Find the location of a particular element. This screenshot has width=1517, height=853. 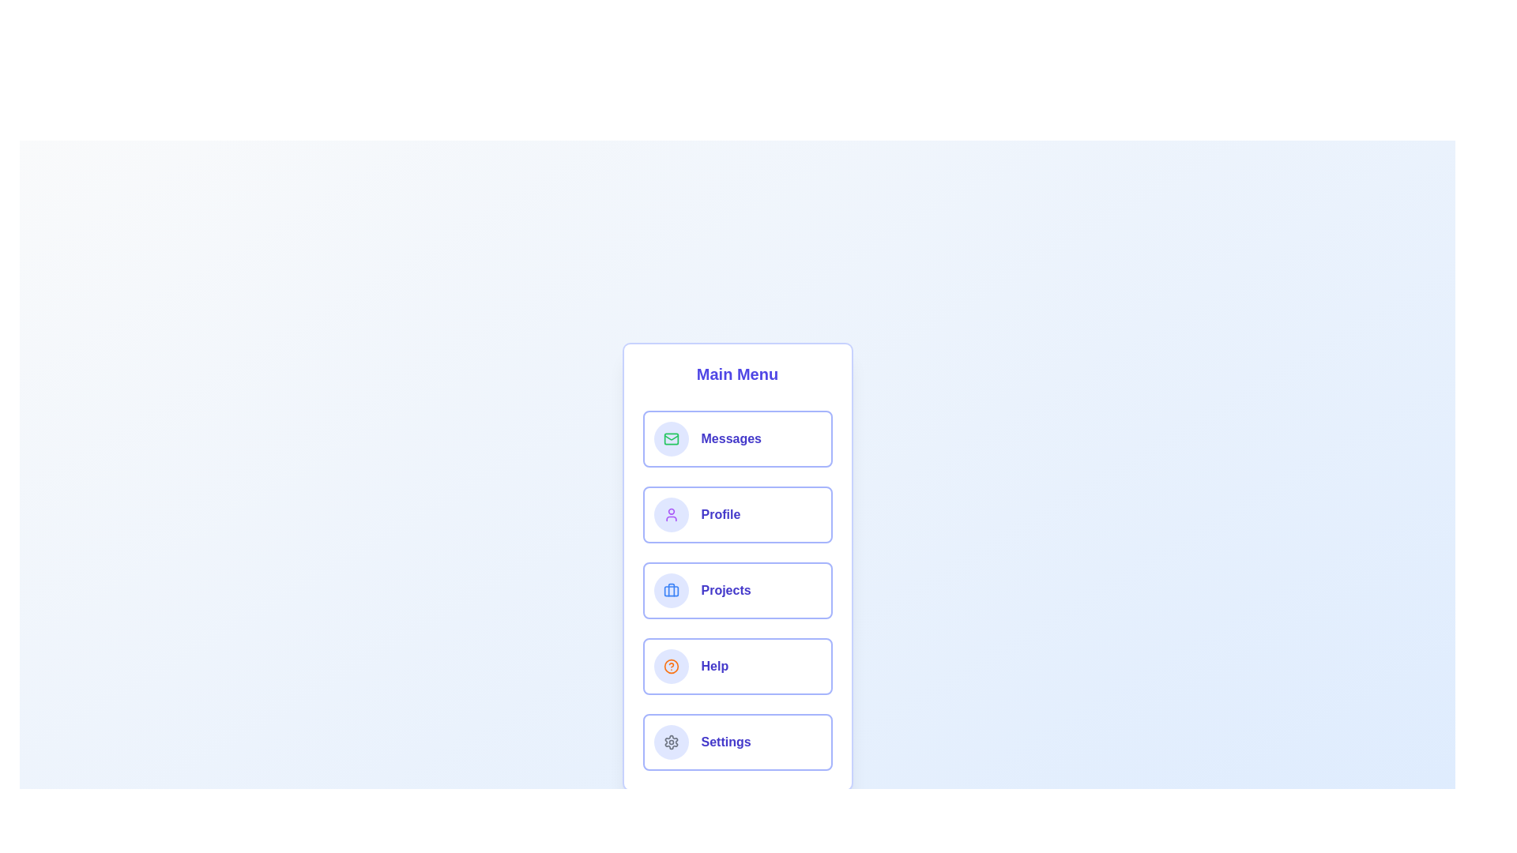

the icon corresponding to Projects by clicking on it is located at coordinates (671, 591).